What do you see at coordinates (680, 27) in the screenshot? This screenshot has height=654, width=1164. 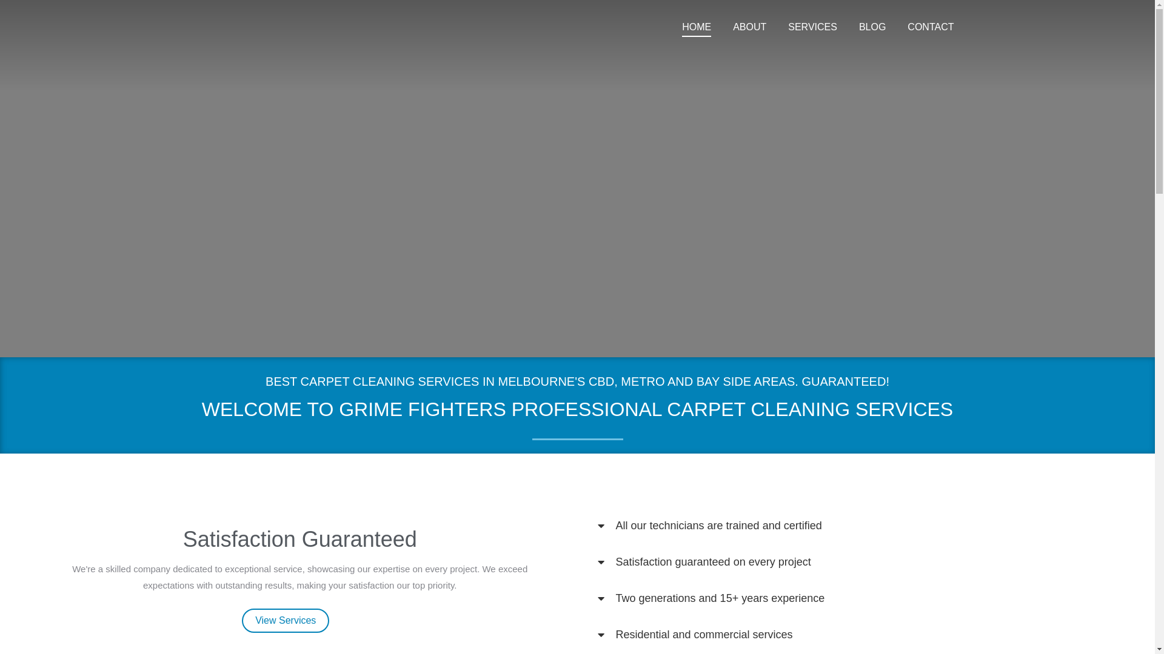 I see `'HOME'` at bounding box center [680, 27].